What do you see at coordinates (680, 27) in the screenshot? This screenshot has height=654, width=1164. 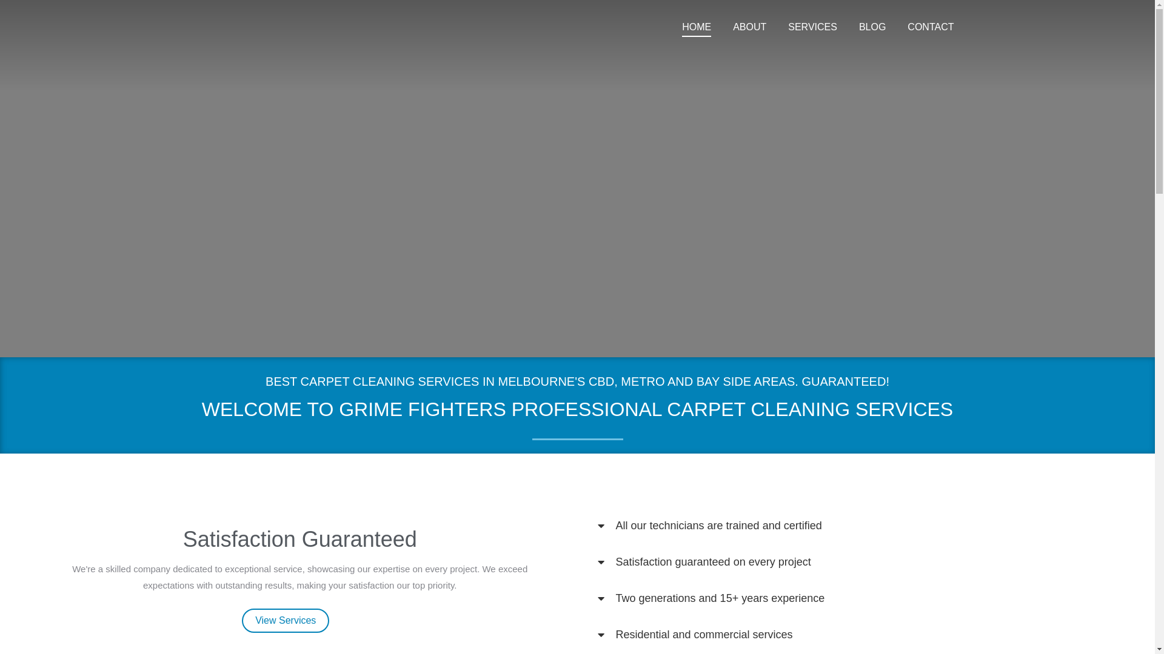 I see `'HOME'` at bounding box center [680, 27].